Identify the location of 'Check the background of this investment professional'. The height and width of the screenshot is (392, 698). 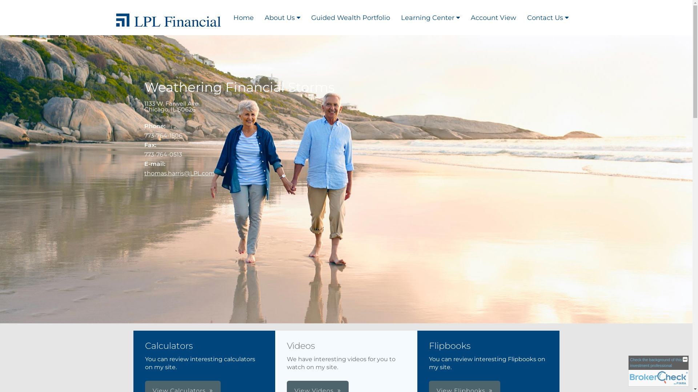
(656, 362).